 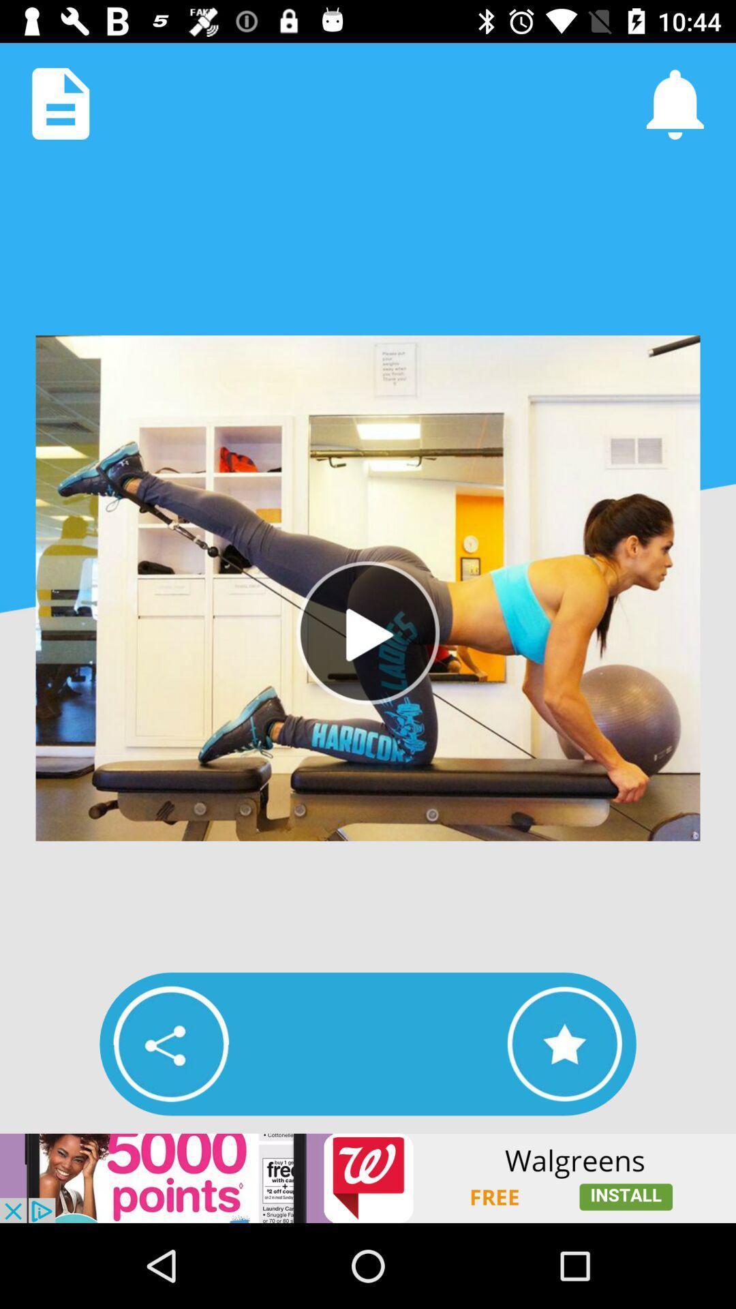 I want to click on the play icon, so click(x=368, y=632).